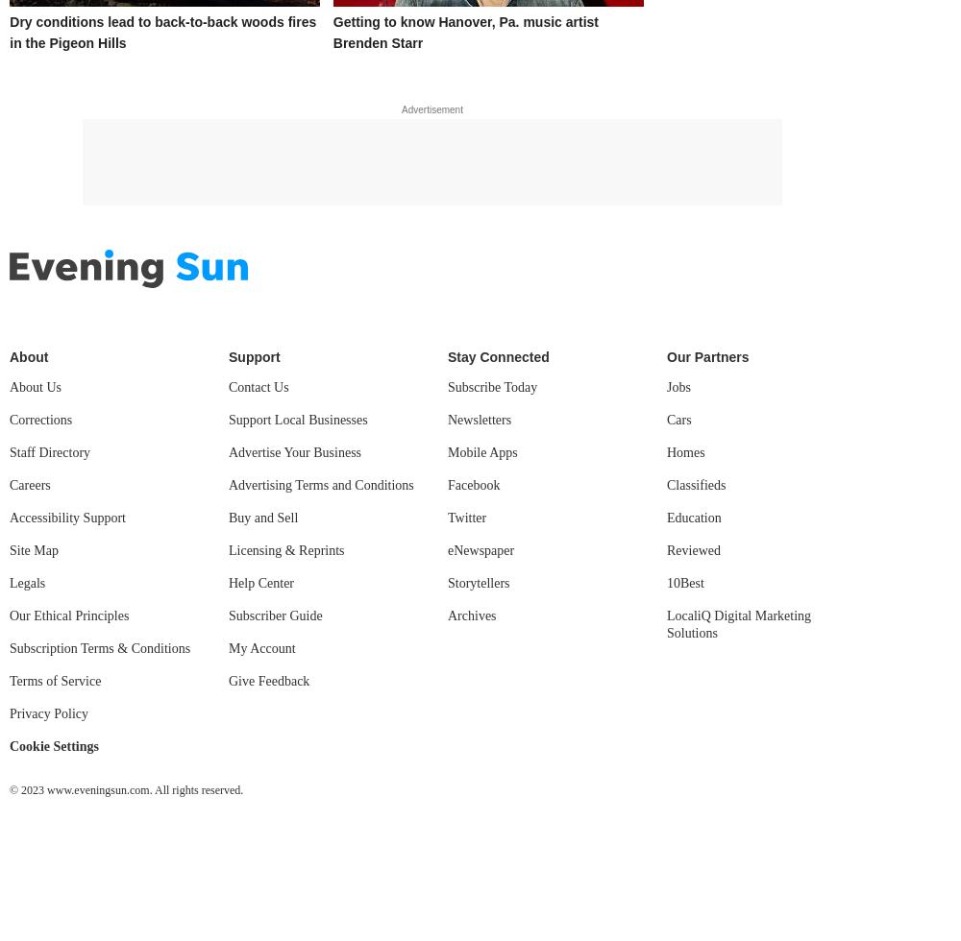 This screenshot has width=961, height=941. I want to click on 'Classifieds', so click(695, 483).